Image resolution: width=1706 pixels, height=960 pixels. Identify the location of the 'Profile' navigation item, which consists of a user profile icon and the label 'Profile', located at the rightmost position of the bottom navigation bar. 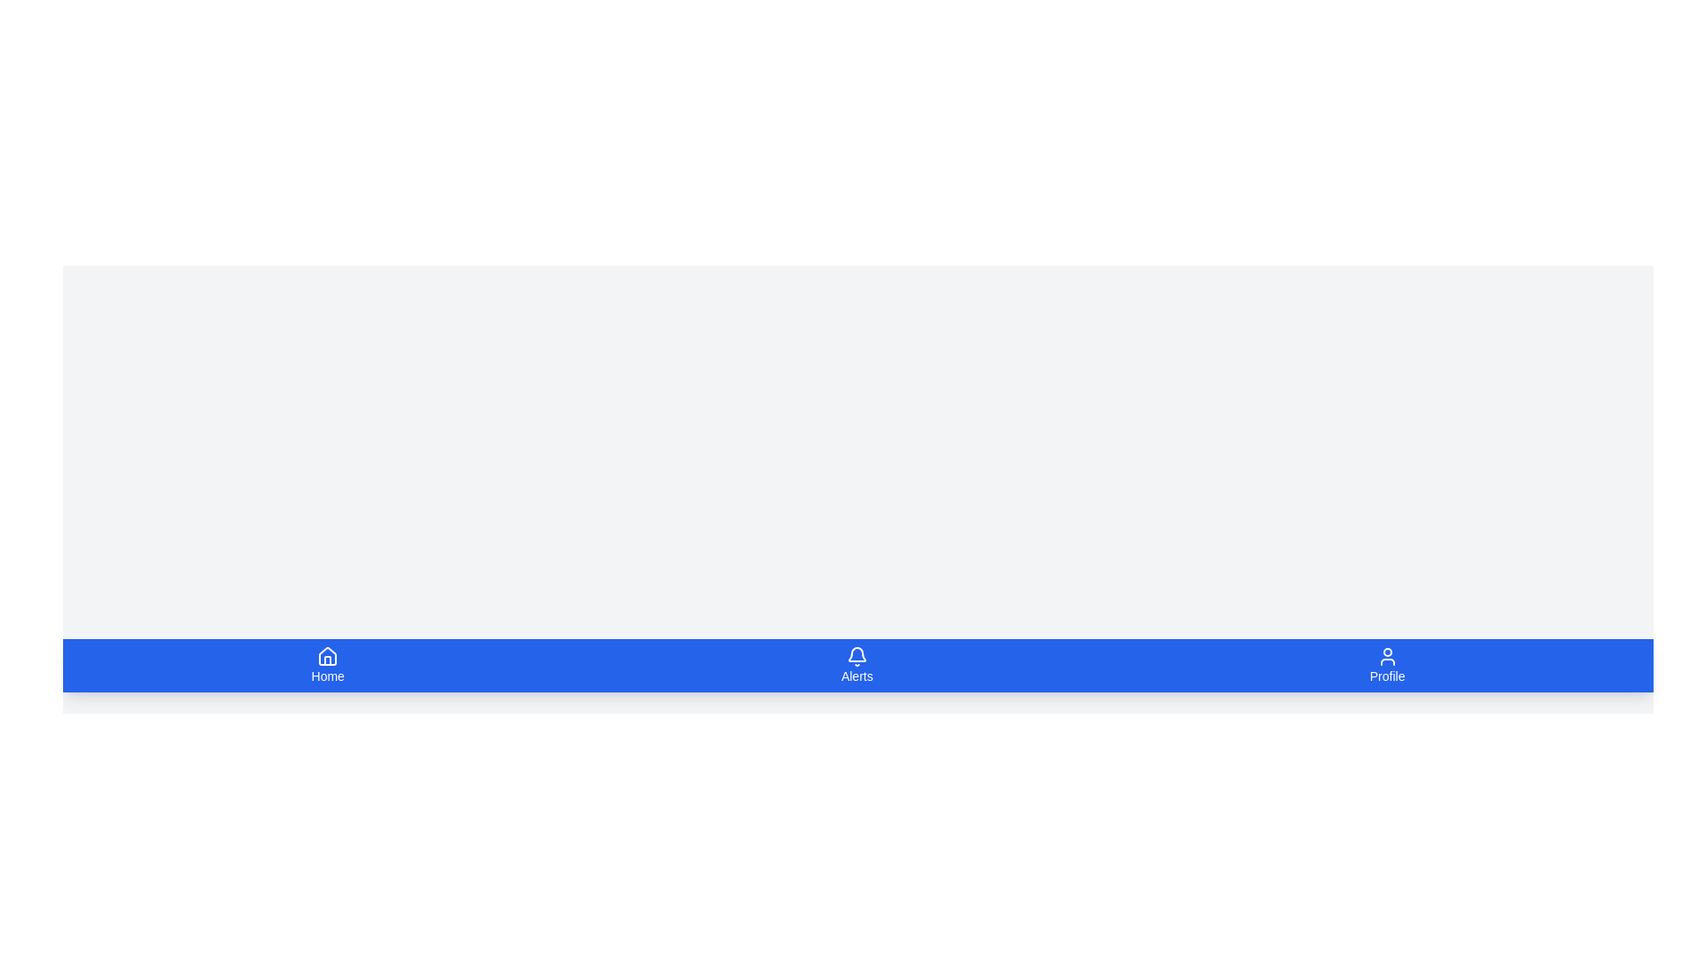
(1386, 665).